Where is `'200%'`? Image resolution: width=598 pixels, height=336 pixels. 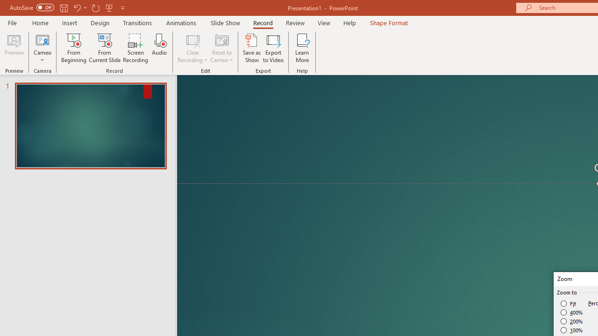
'200%' is located at coordinates (571, 321).